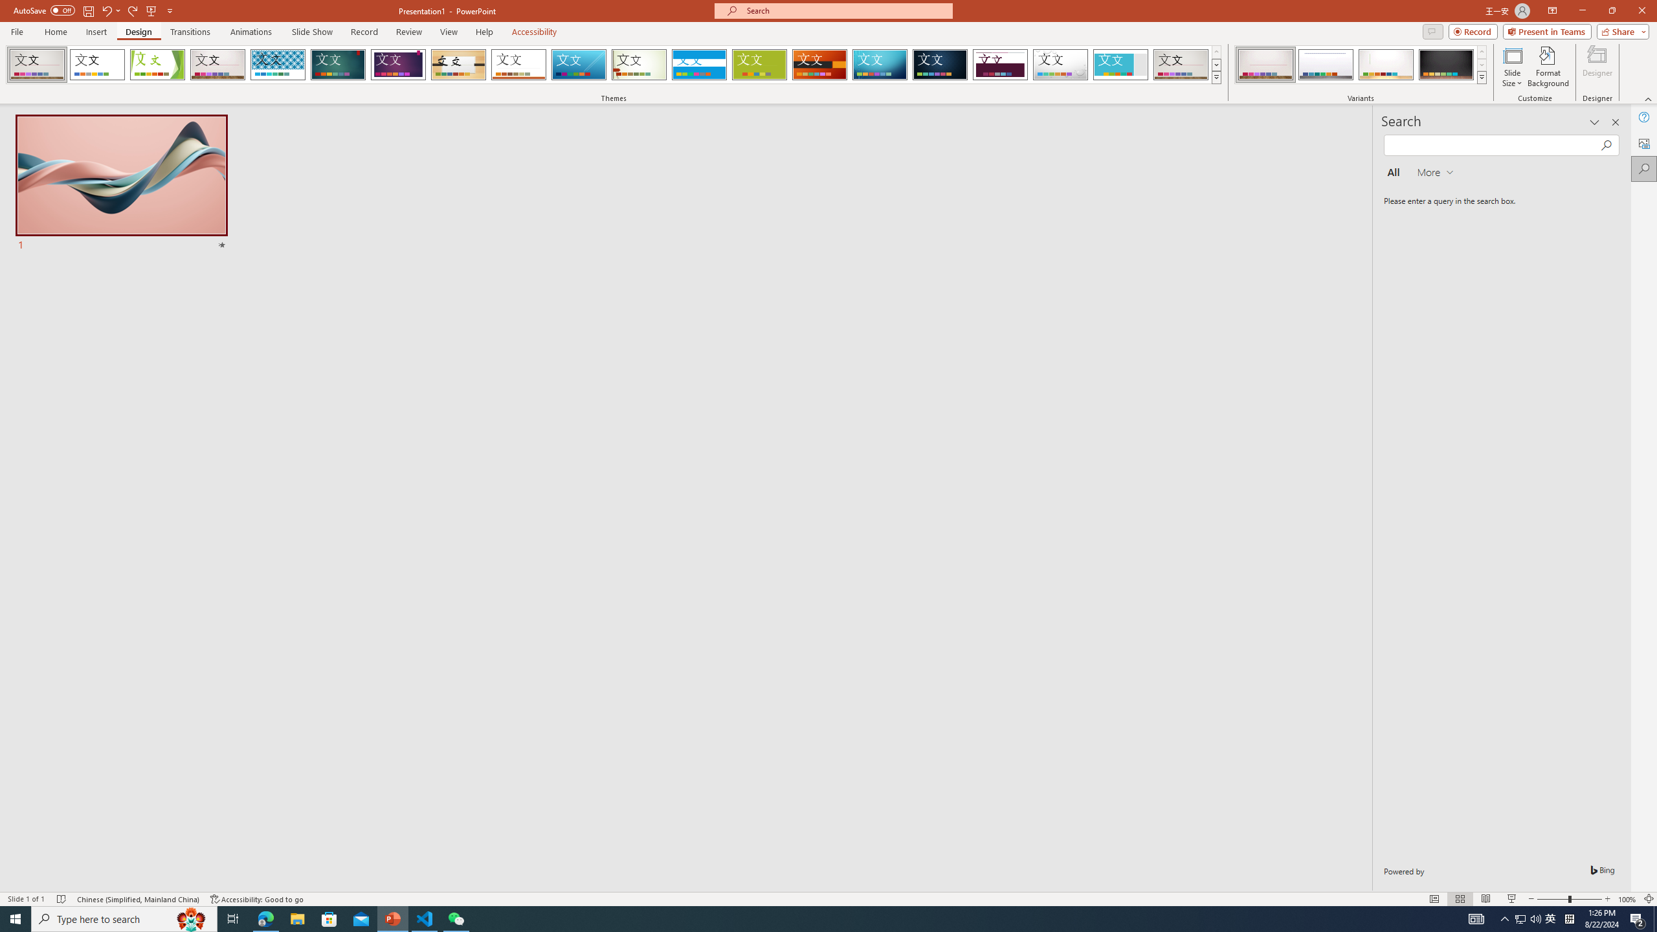 The image size is (1657, 932). I want to click on 'Banded', so click(699, 64).